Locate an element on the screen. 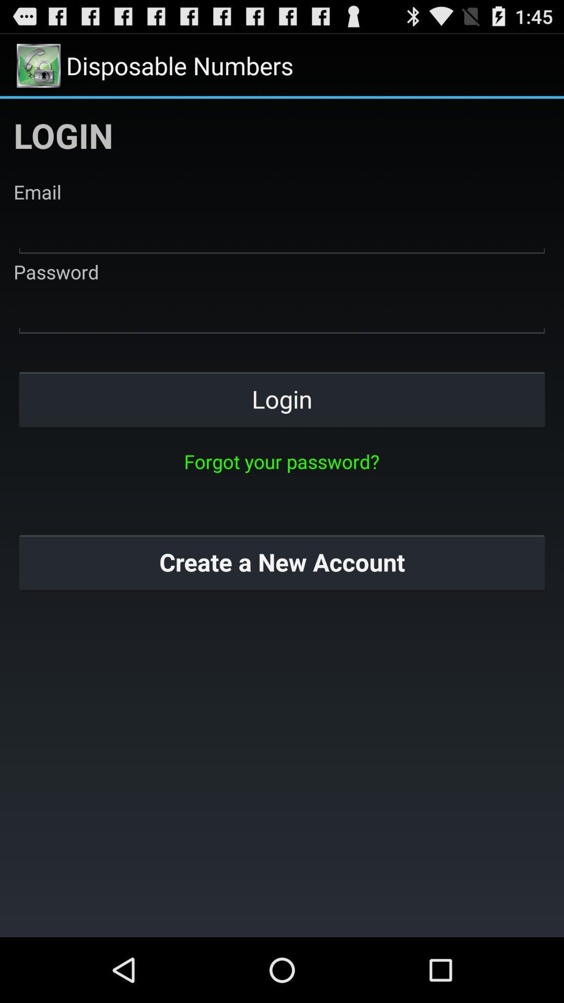 The height and width of the screenshot is (1003, 564). item below the forgot your password? is located at coordinates (282, 562).